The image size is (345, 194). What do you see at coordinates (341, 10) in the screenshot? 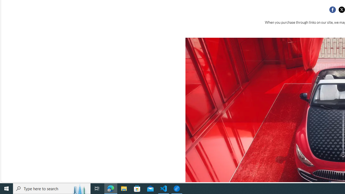
I see `'Class: icon-svg'` at bounding box center [341, 10].